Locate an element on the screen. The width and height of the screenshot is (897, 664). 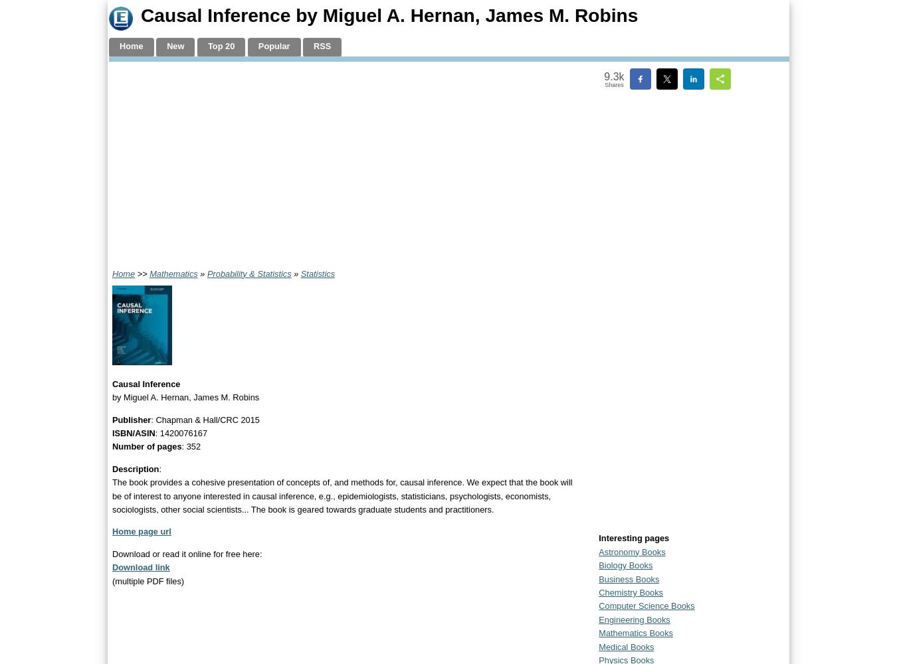
'free' is located at coordinates (233, 552).